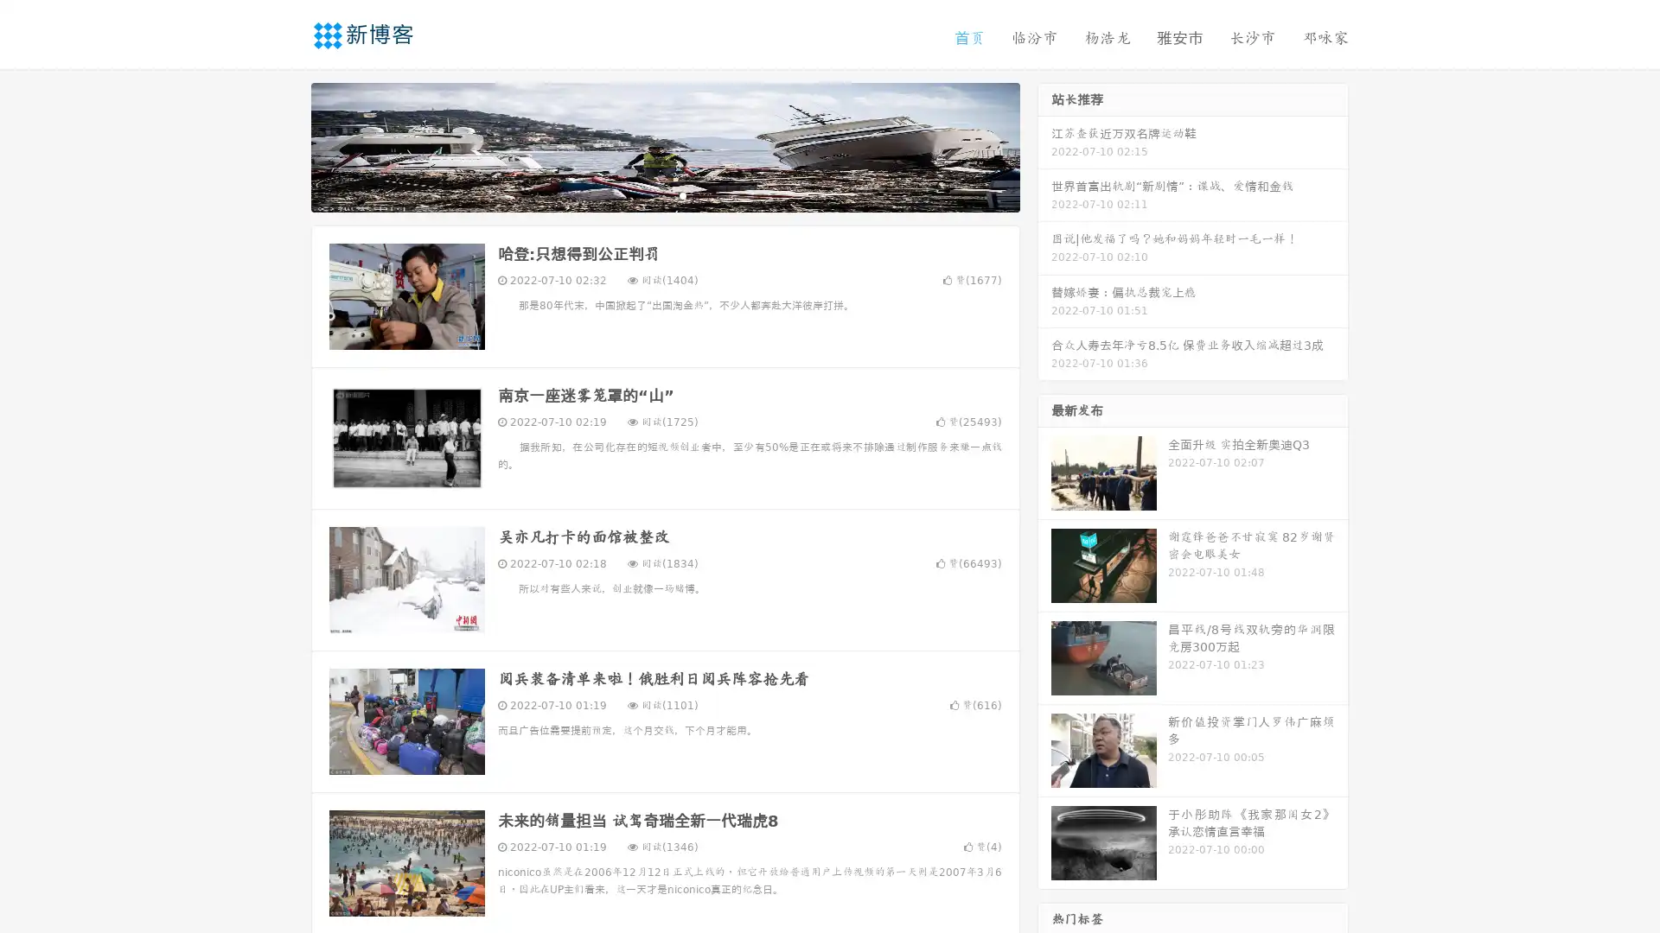 This screenshot has width=1660, height=933. What do you see at coordinates (664, 194) in the screenshot?
I see `Go to slide 2` at bounding box center [664, 194].